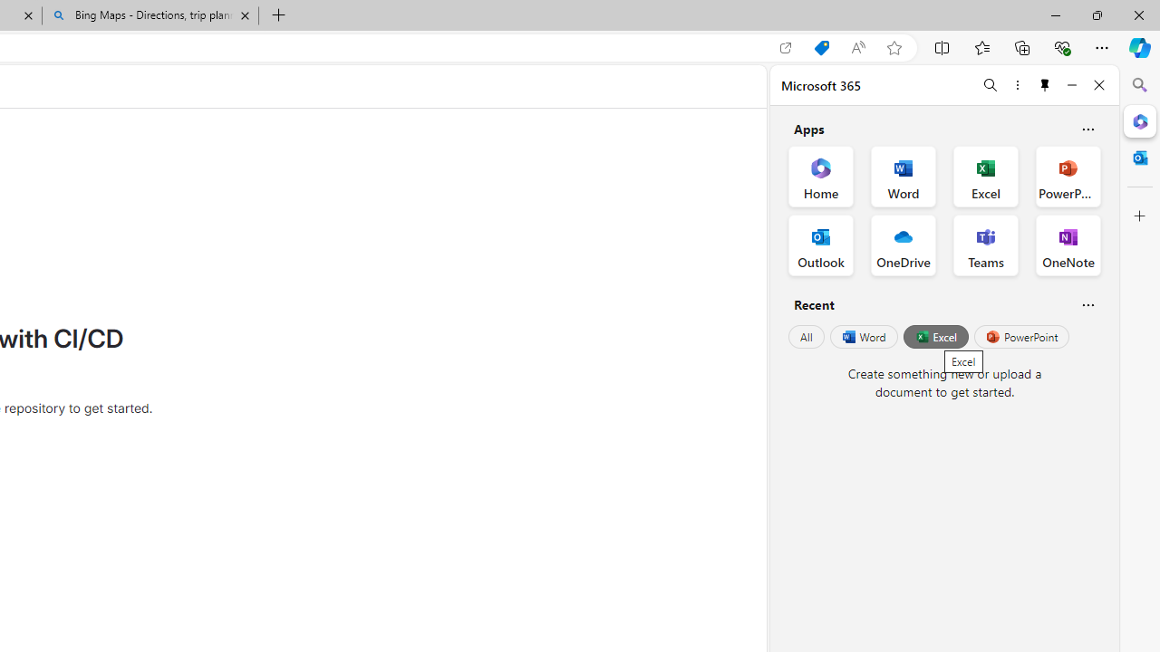  I want to click on 'Excel', so click(935, 337).